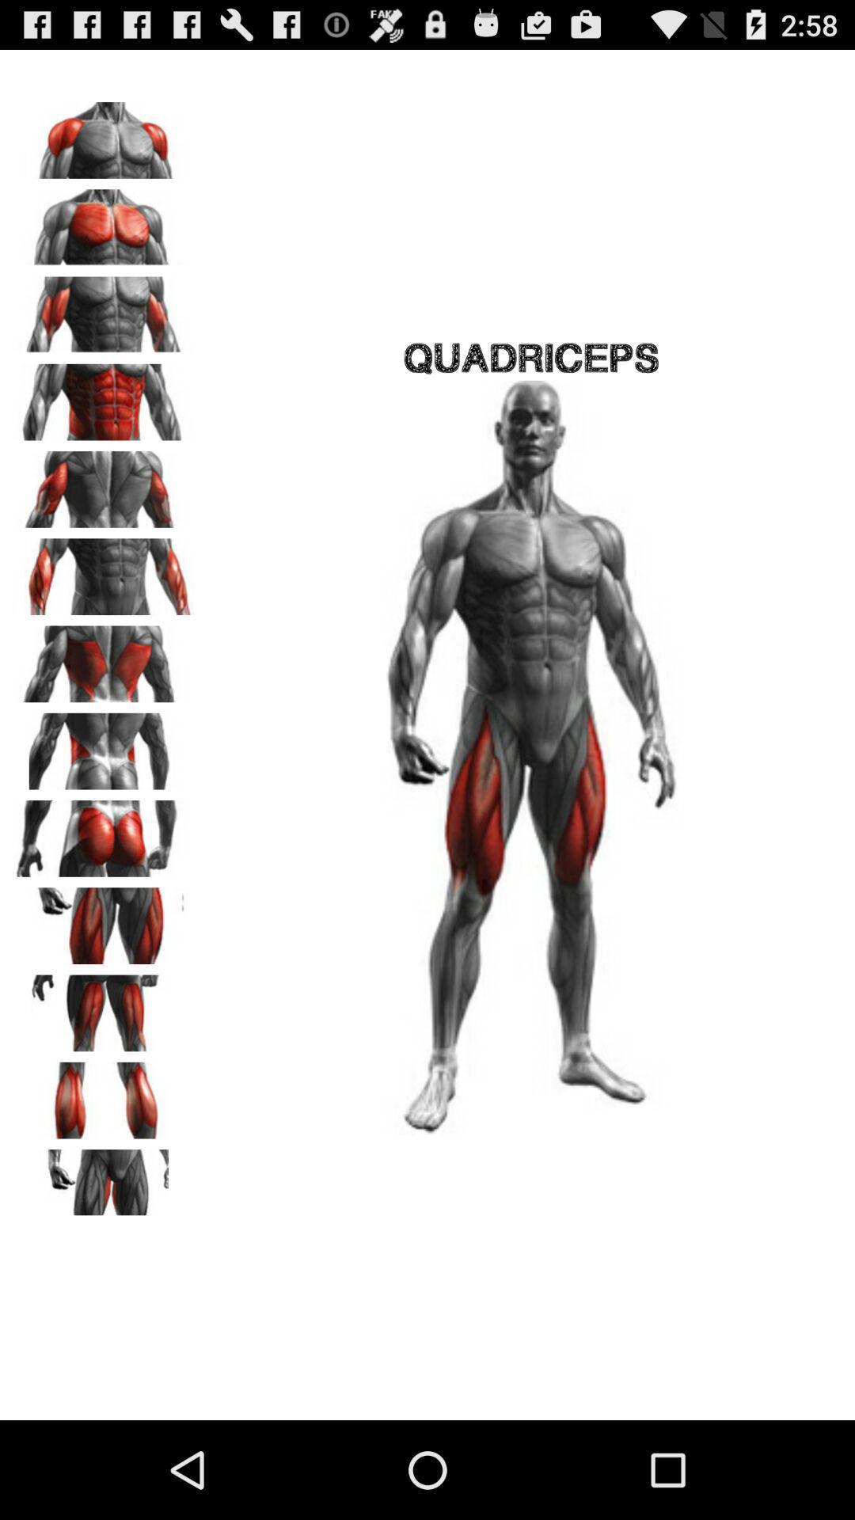 This screenshot has width=855, height=1520. I want to click on the pause icon, so click(104, 798).